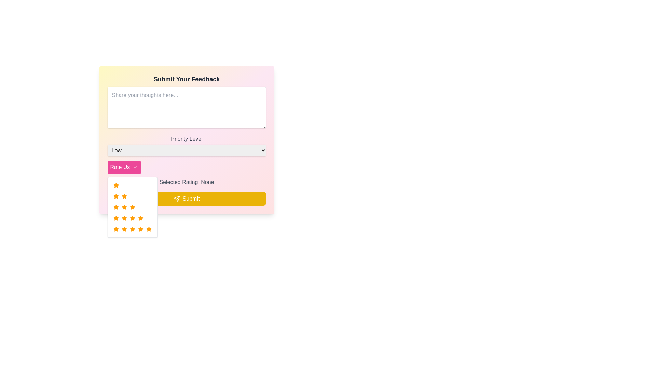  What do you see at coordinates (148, 229) in the screenshot?
I see `the last star in the rating stars grid within the 'Rate Us' dropdown menu` at bounding box center [148, 229].